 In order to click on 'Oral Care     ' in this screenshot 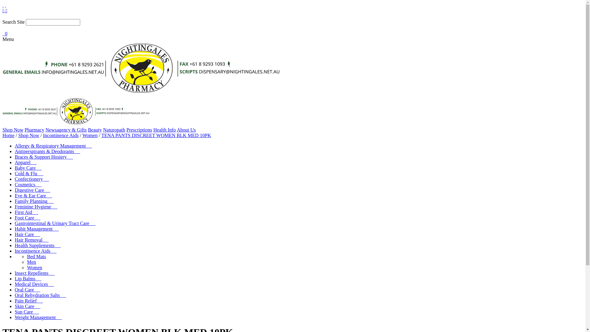, I will do `click(15, 290)`.